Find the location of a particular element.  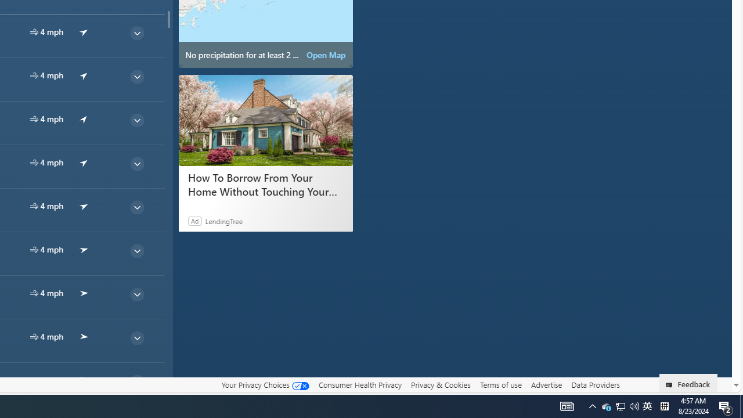

'Data Providers' is located at coordinates (595, 384).